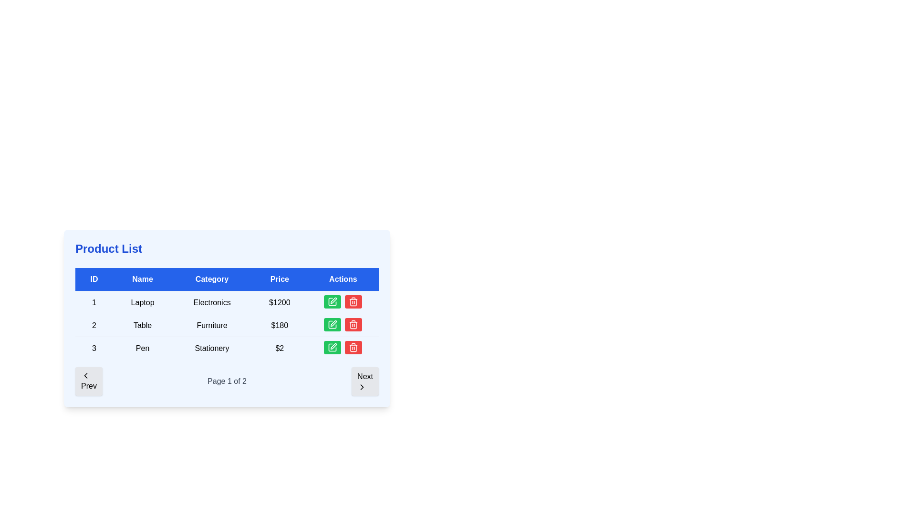 The height and width of the screenshot is (515, 916). I want to click on the static text field displaying the price '$1200' in bold, located in the fourth column of the first row in the product details table under the 'Price' section for 'Laptop', so click(279, 302).